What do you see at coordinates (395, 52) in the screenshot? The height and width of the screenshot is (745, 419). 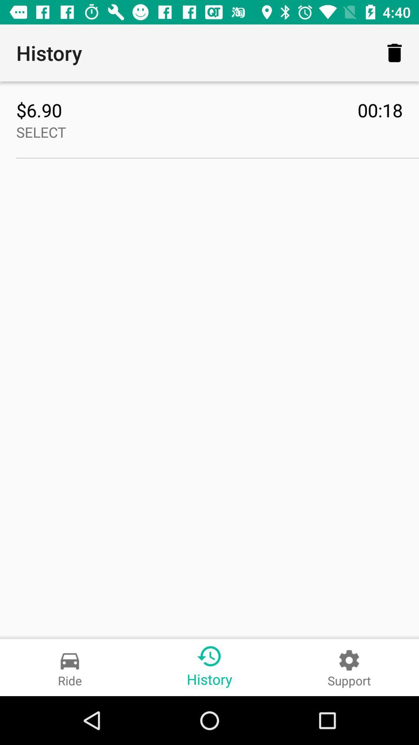 I see `the icon next to the history item` at bounding box center [395, 52].